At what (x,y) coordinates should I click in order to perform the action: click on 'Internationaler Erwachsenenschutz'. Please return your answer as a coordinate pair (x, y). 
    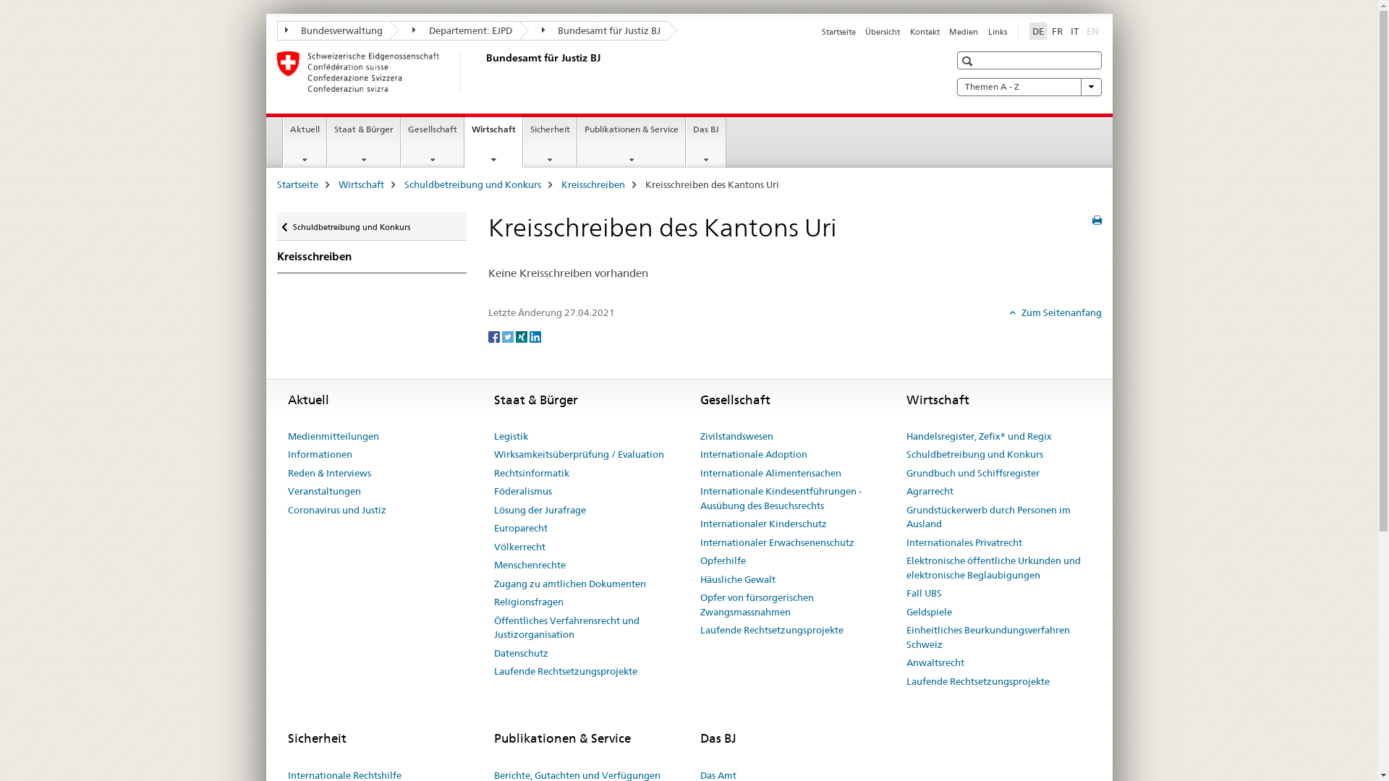
    Looking at the image, I should click on (776, 543).